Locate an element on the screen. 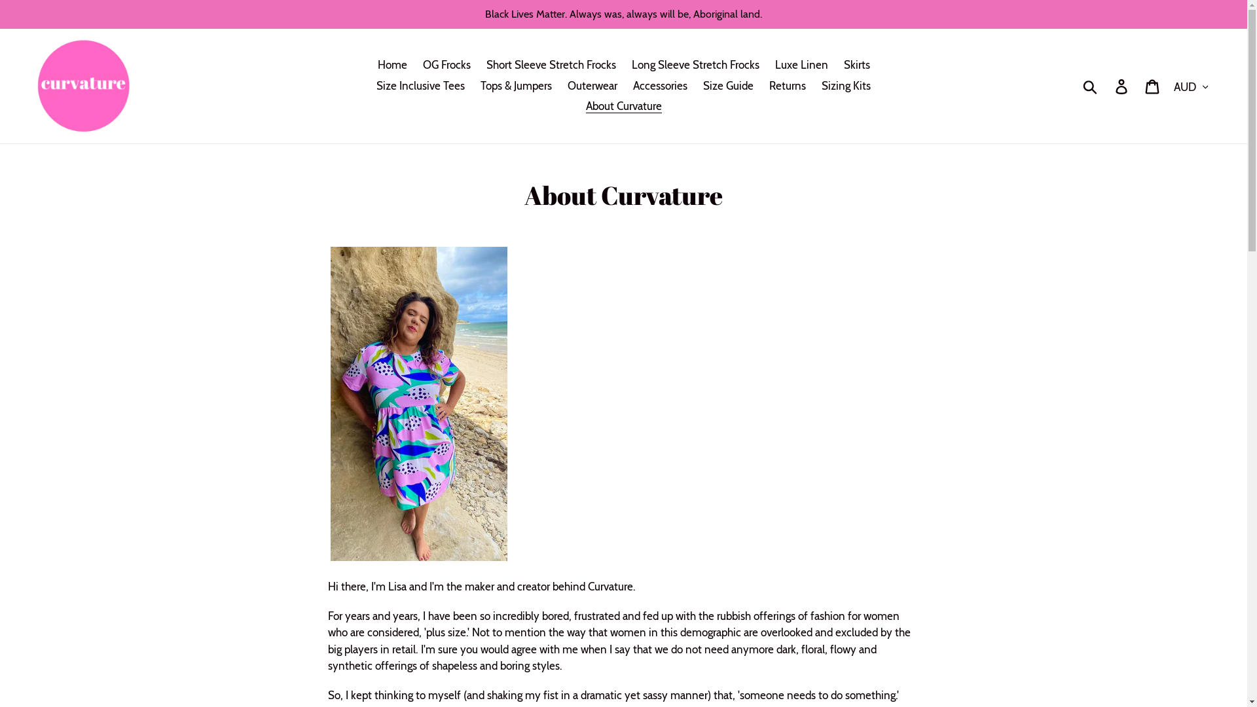  'Size Guide' is located at coordinates (727, 86).